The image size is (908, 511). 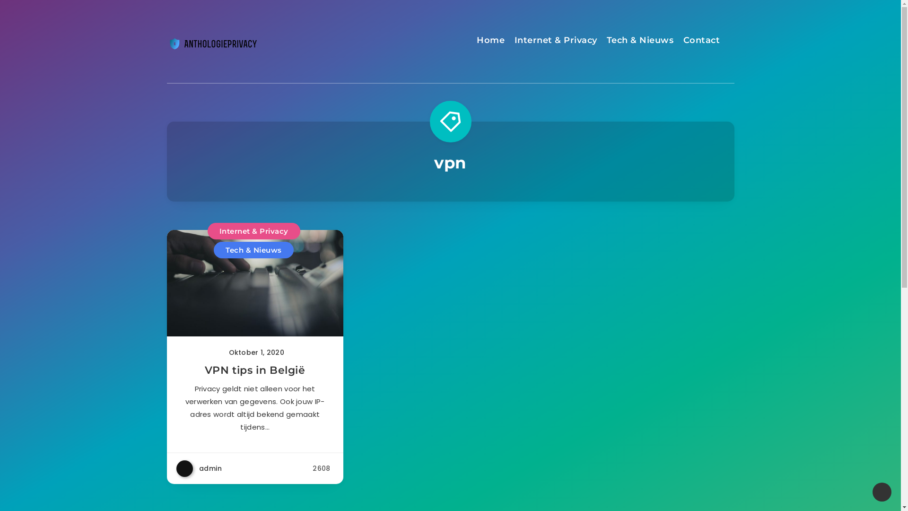 I want to click on 'admin', so click(x=198, y=468).